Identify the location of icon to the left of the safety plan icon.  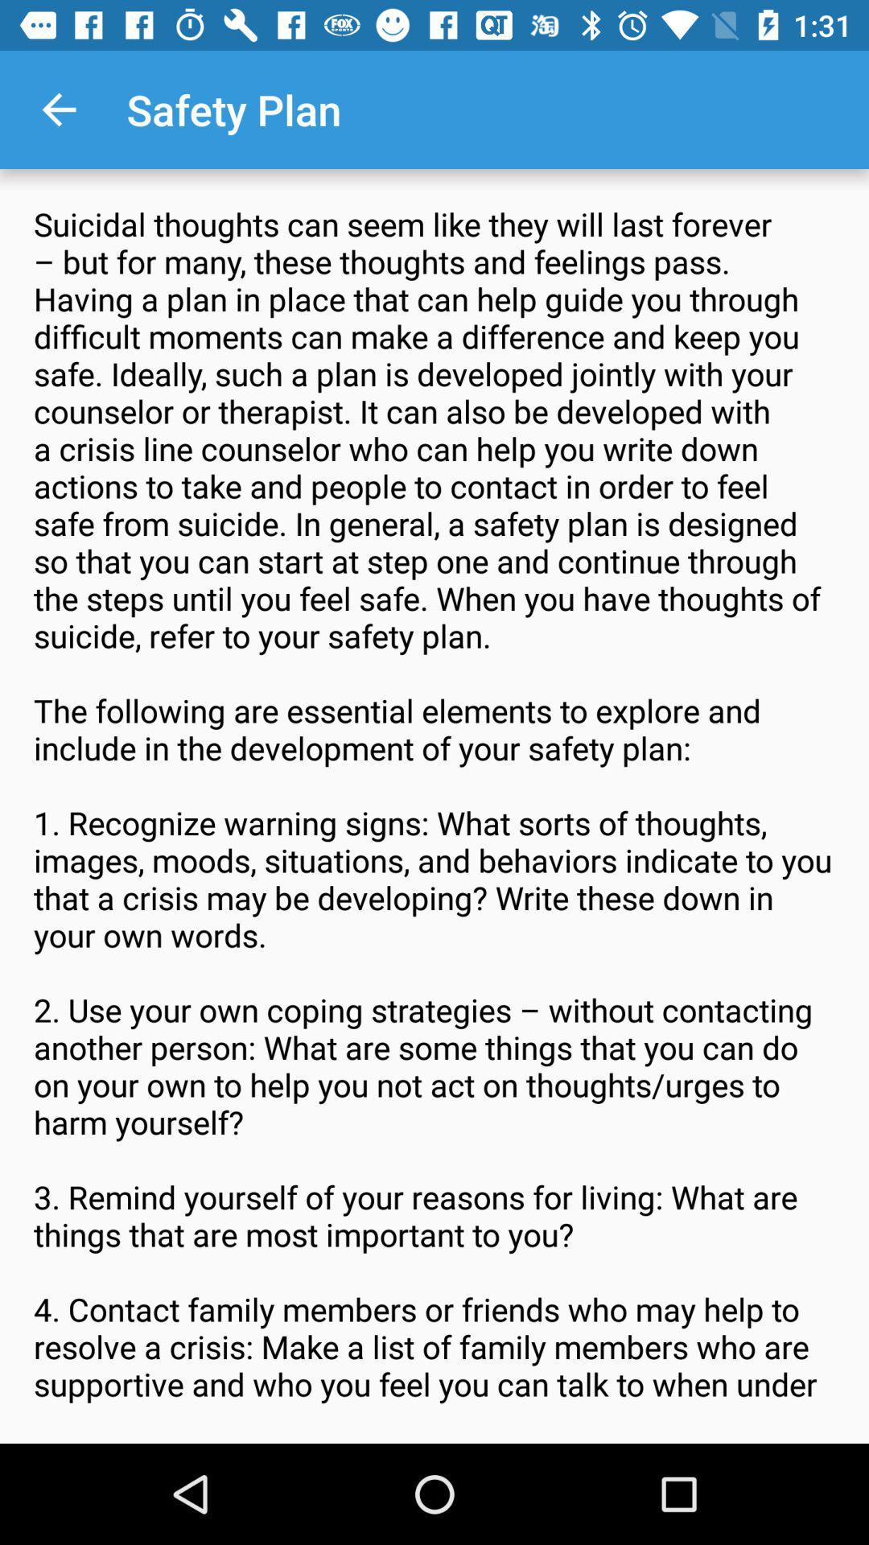
(58, 109).